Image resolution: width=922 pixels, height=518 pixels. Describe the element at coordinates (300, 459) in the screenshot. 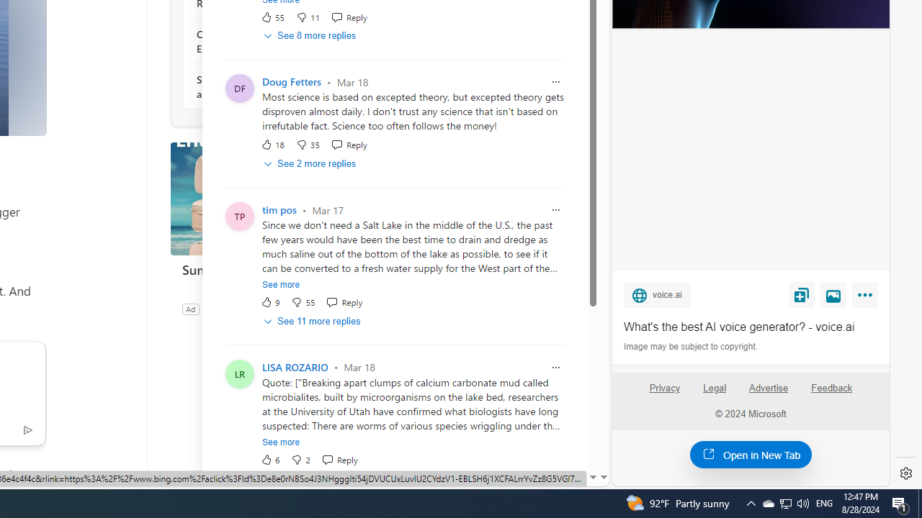

I see `'Dislike'` at that location.